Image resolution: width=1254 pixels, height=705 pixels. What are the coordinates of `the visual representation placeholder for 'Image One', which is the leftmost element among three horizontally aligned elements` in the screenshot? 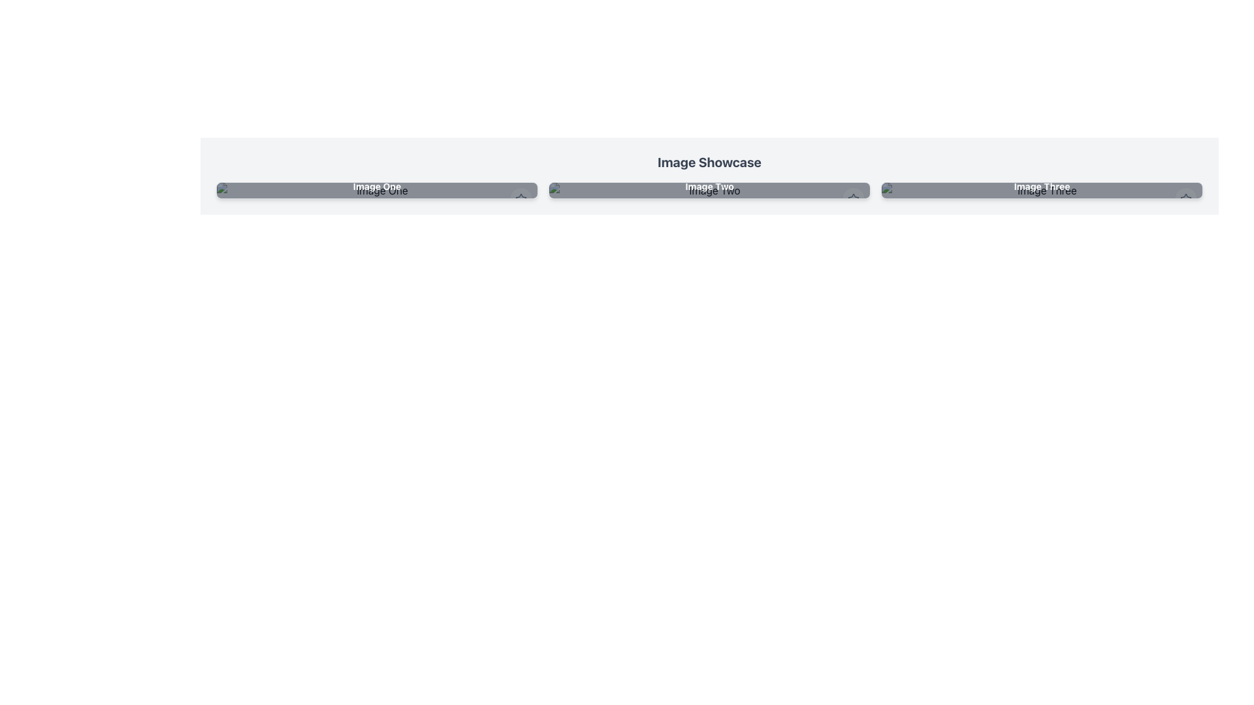 It's located at (376, 191).